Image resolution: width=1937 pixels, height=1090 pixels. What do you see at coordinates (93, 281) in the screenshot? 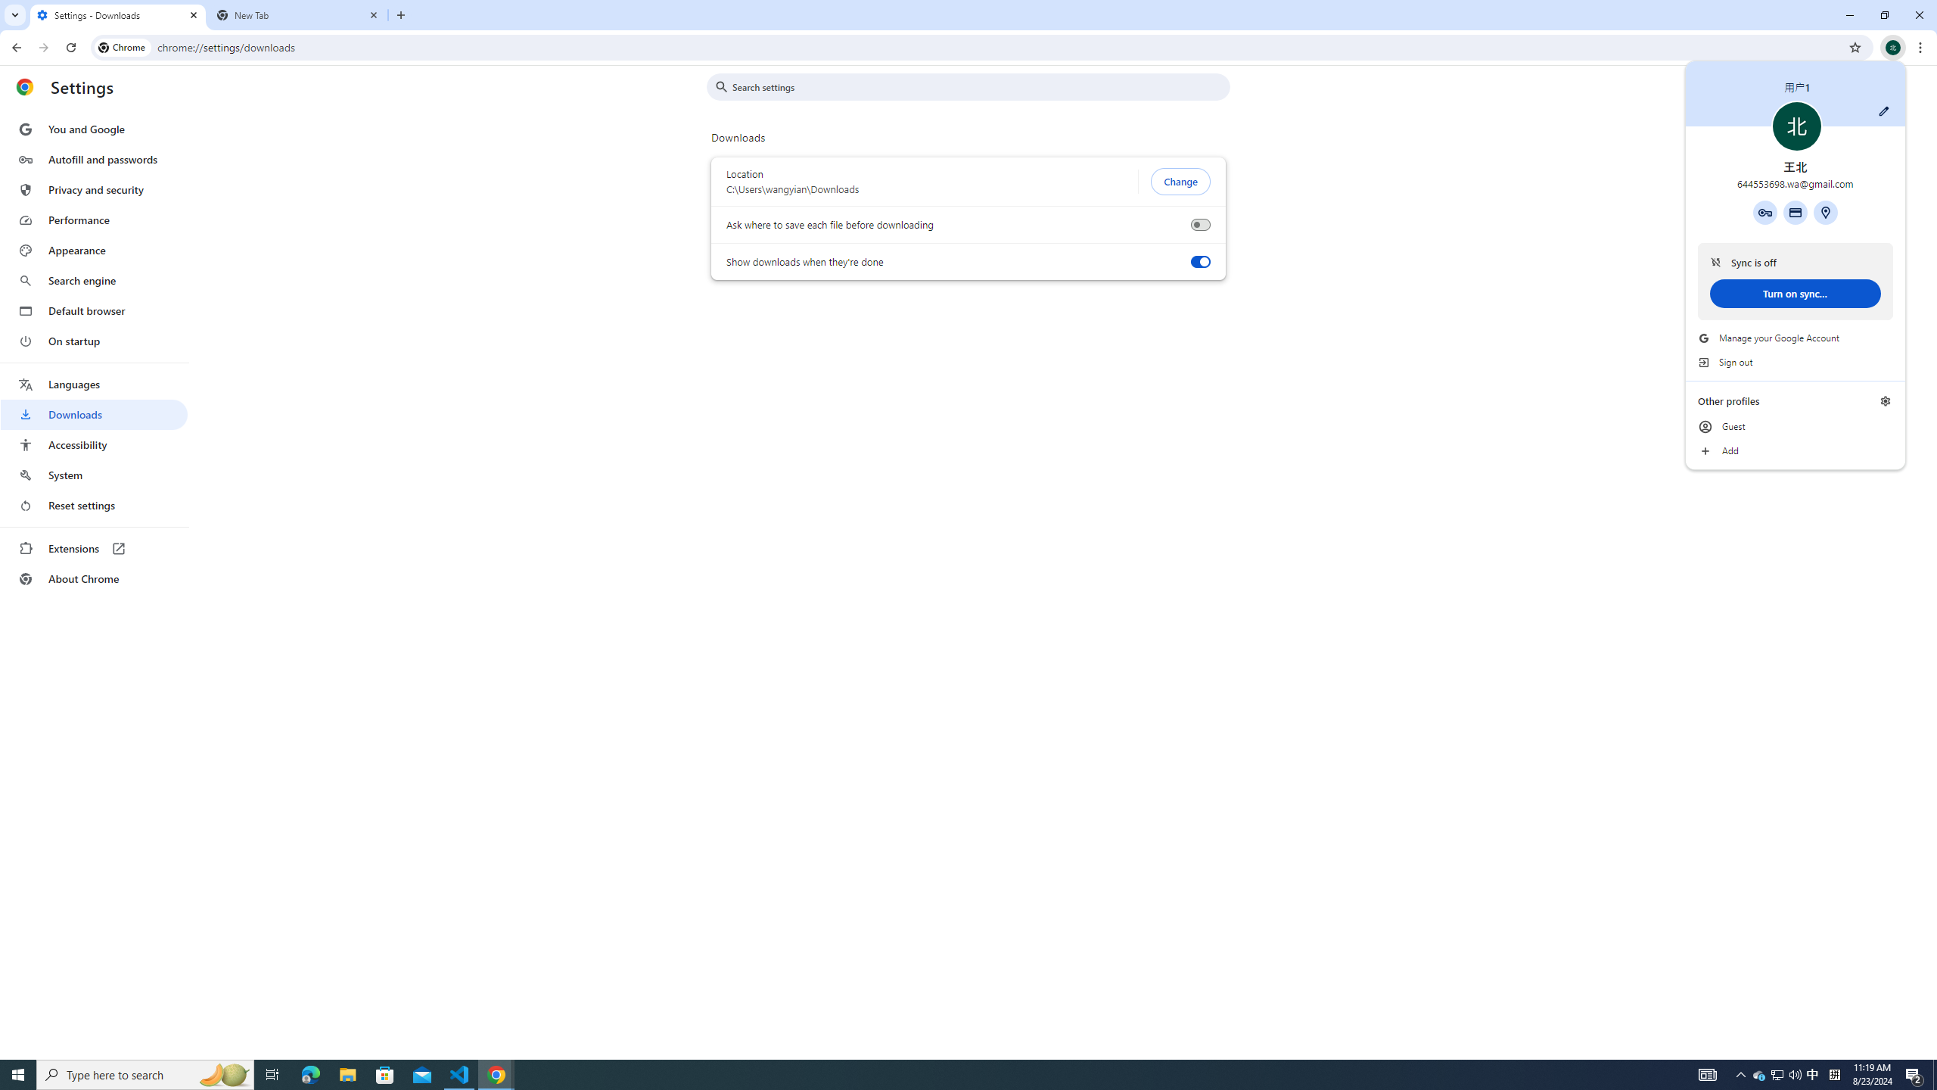
I see `'Search engine'` at bounding box center [93, 281].